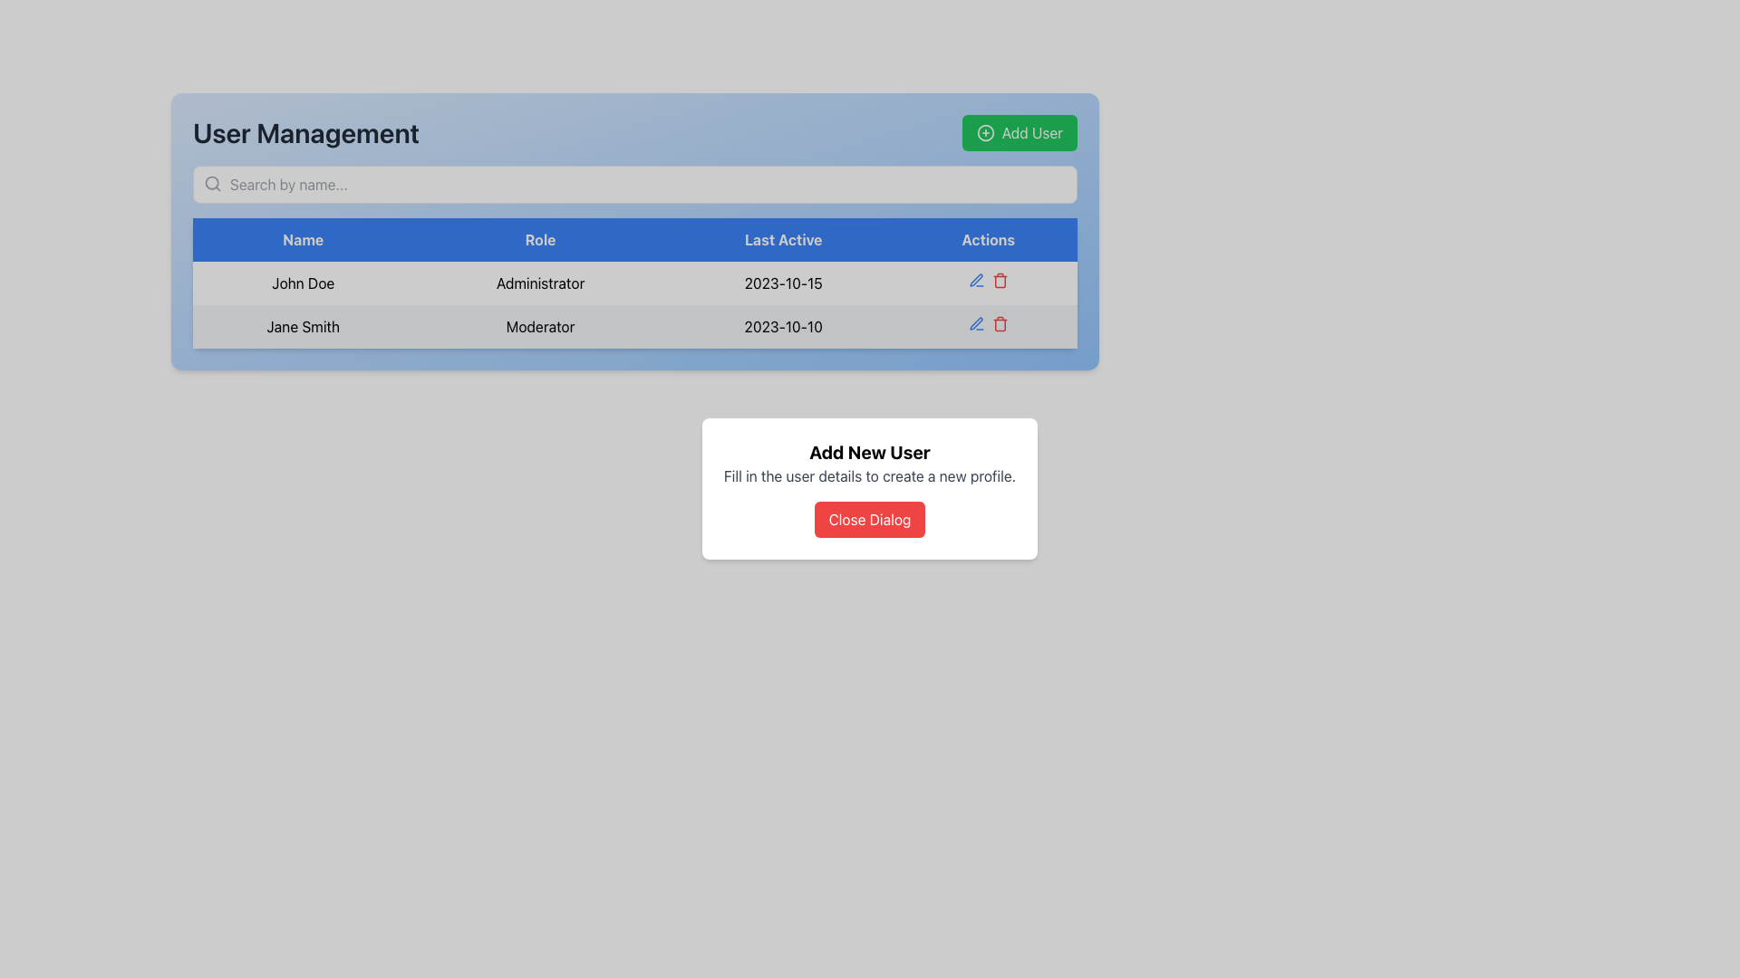  I want to click on the Text Label that serves as the title or heading of the interface section, located on the left side of the header, aligned horizontally with the 'Add User' button, so click(306, 131).